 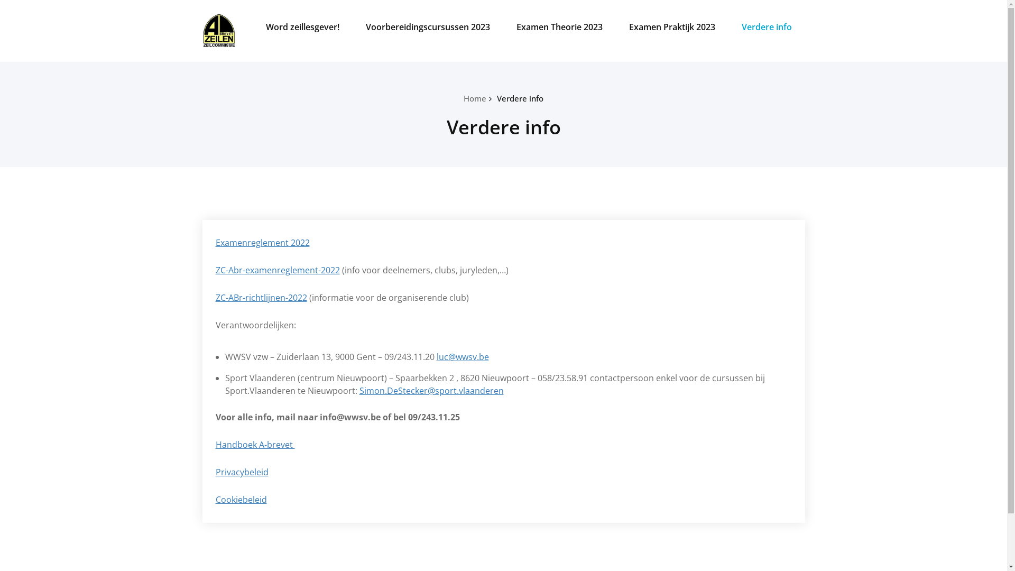 What do you see at coordinates (241, 472) in the screenshot?
I see `'Privacybeleid'` at bounding box center [241, 472].